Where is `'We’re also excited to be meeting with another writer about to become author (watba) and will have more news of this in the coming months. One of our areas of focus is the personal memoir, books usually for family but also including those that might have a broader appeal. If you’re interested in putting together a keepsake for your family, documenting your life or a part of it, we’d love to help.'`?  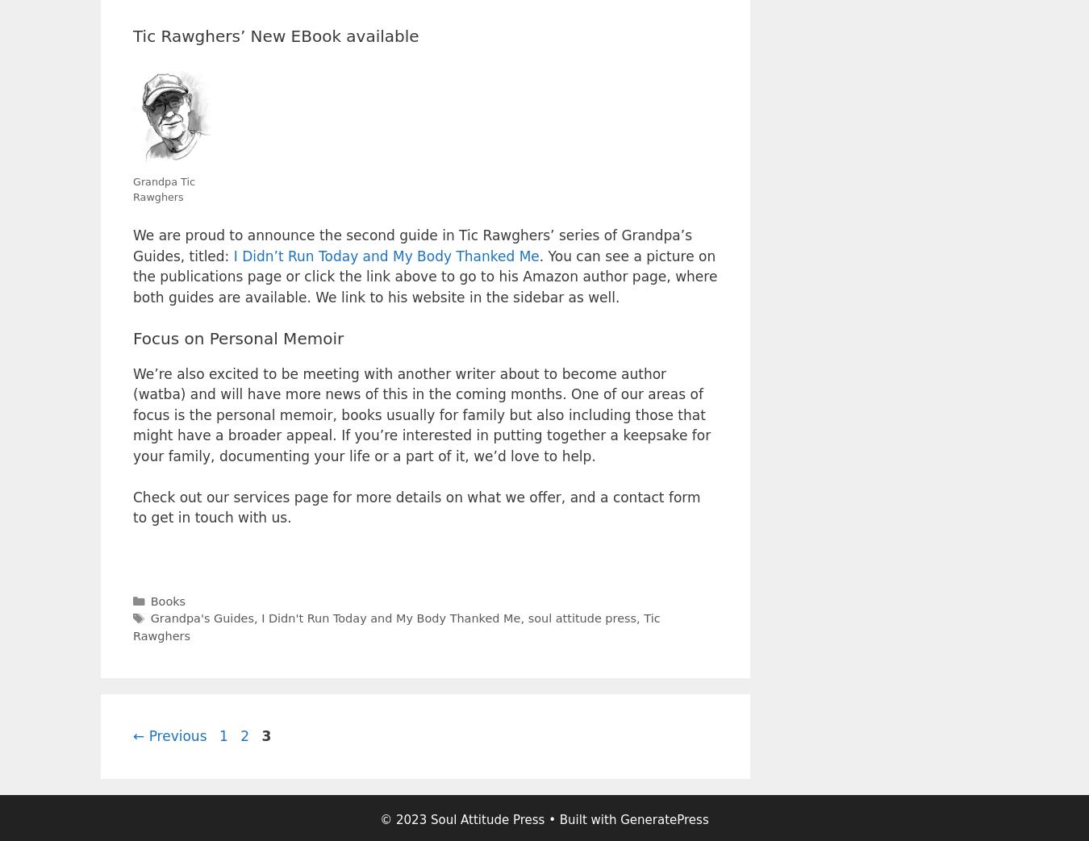
'We’re also excited to be meeting with another writer about to become author (watba) and will have more news of this in the coming months. One of our areas of focus is the personal memoir, books usually for family but also including those that might have a broader appeal. If you’re interested in putting together a keepsake for your family, documenting your life or a part of it, we’d love to help.' is located at coordinates (420, 413).